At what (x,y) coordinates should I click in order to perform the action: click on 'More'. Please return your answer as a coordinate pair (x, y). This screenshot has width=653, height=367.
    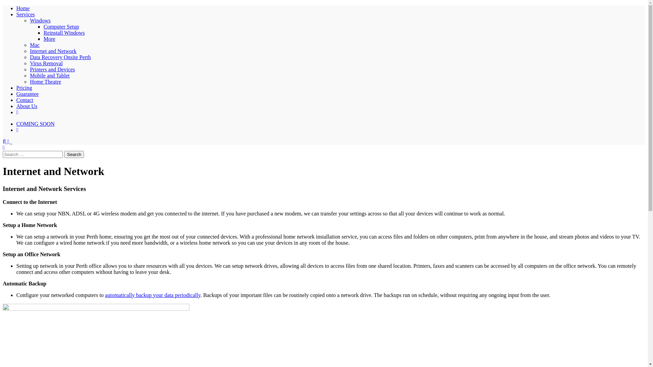
    Looking at the image, I should click on (49, 39).